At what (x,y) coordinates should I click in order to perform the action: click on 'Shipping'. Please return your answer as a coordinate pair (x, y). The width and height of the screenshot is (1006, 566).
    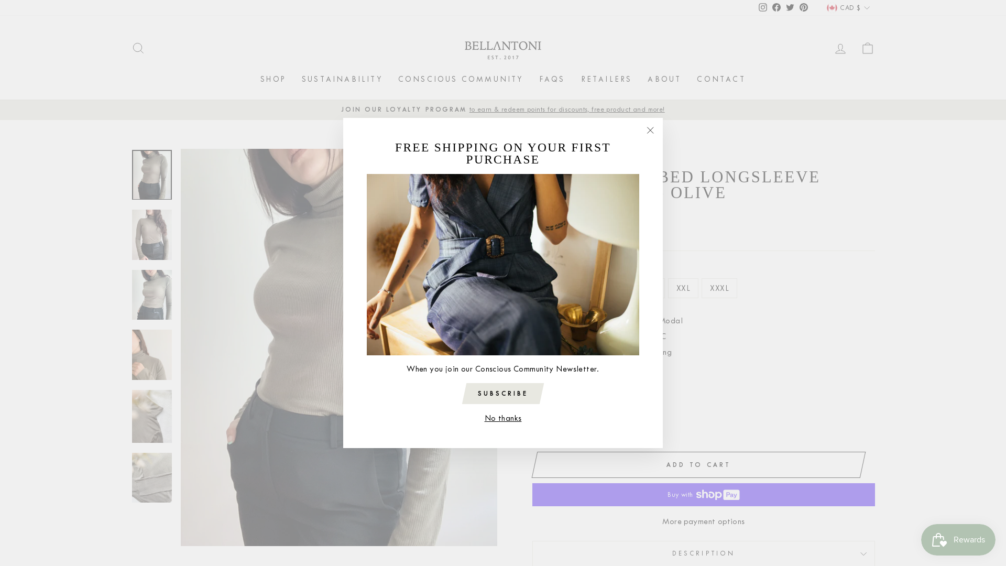
    Looking at the image, I should click on (532, 232).